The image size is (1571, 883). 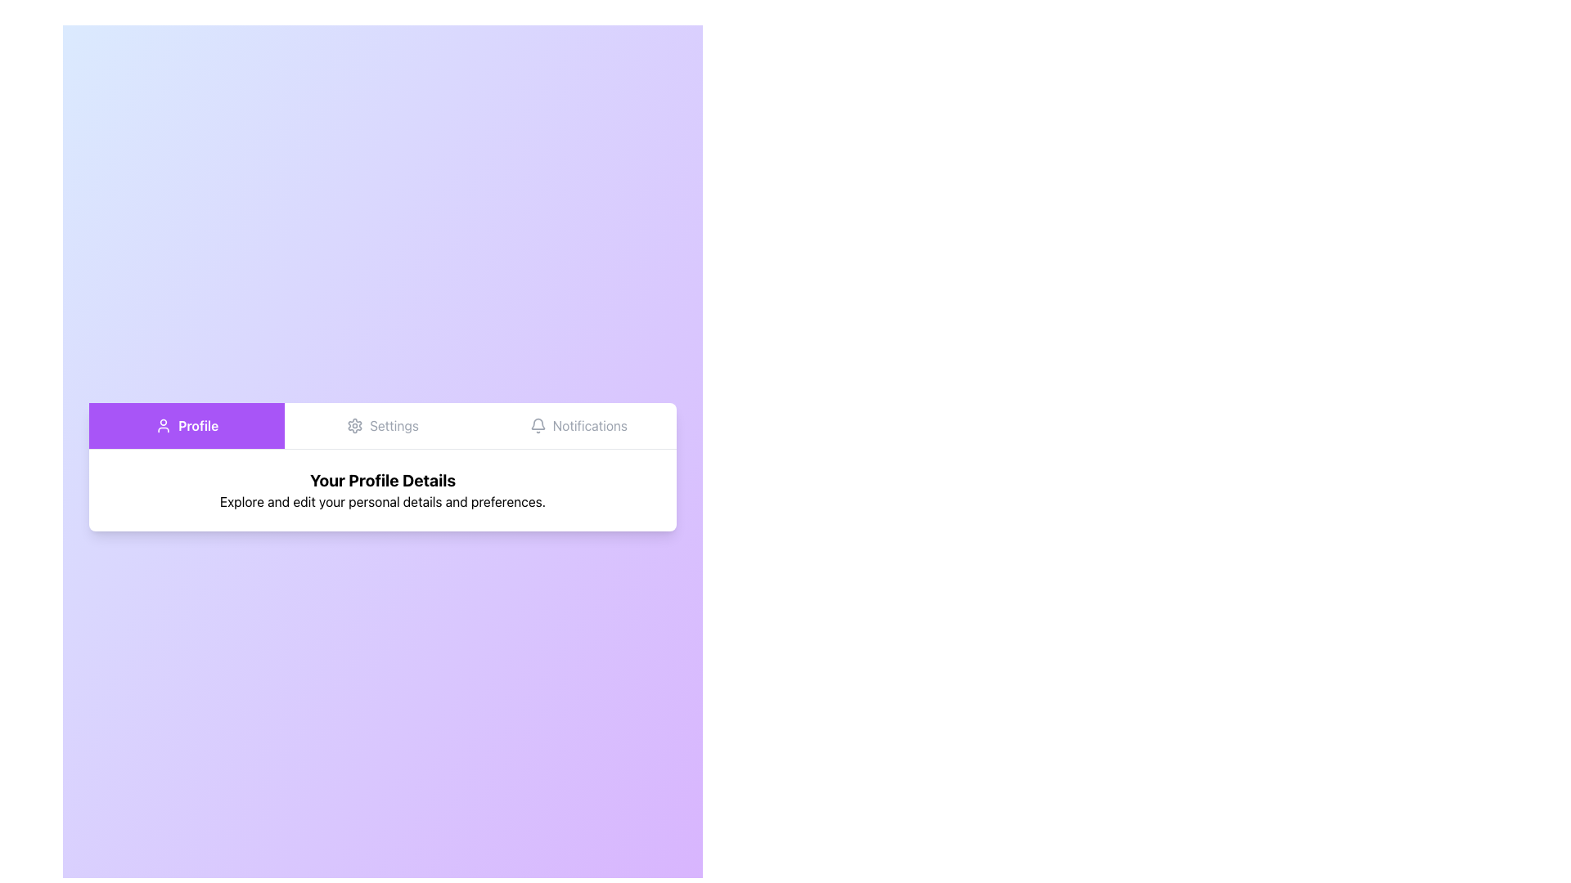 What do you see at coordinates (187, 424) in the screenshot?
I see `the 'Profile' button which has a purple background and white text, displaying the word 'Profile'` at bounding box center [187, 424].